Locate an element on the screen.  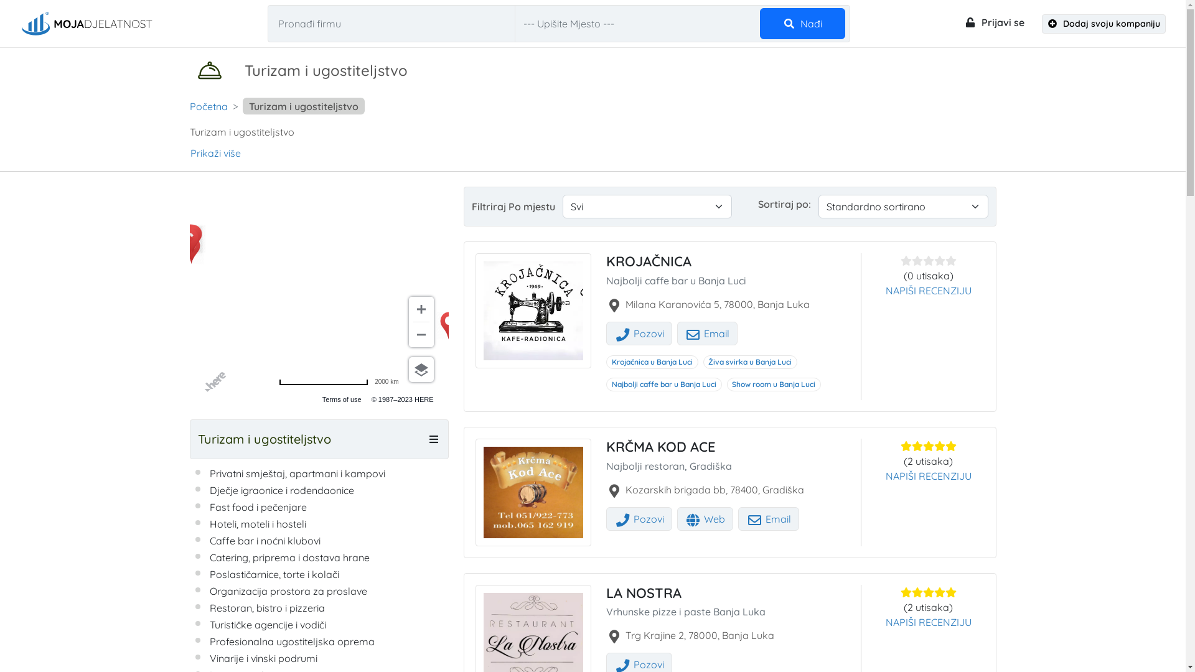
'Zoom out' is located at coordinates (408, 334).